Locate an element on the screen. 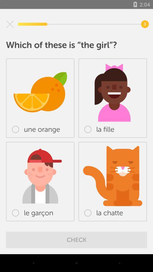 The height and width of the screenshot is (272, 153). the check is located at coordinates (76, 239).